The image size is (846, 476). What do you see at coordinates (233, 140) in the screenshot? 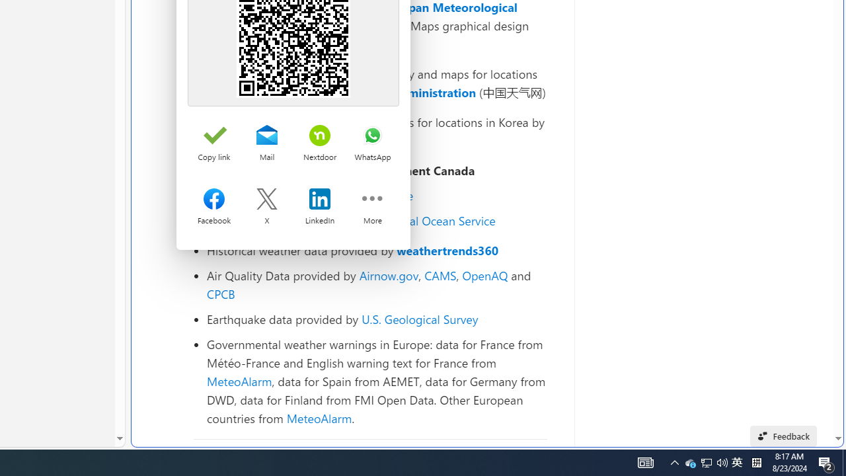
I see `'Kweather'` at bounding box center [233, 140].